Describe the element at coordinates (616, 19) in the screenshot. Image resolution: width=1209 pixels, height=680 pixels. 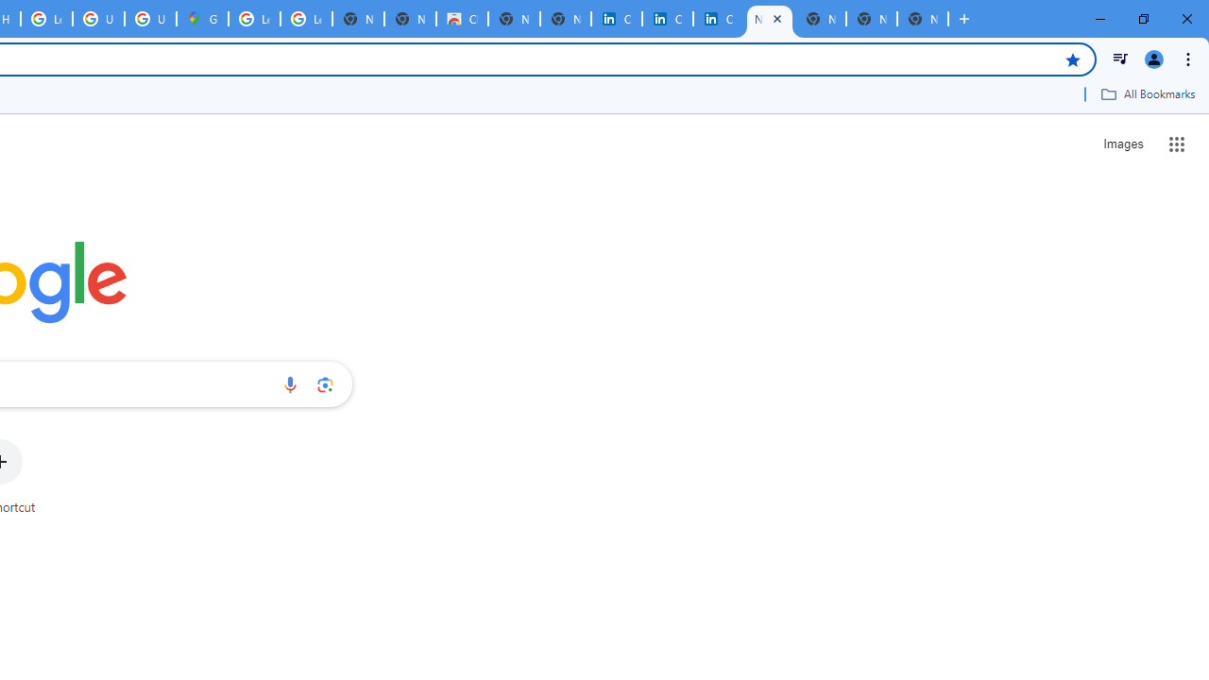
I see `'Cookie Policy | LinkedIn'` at that location.